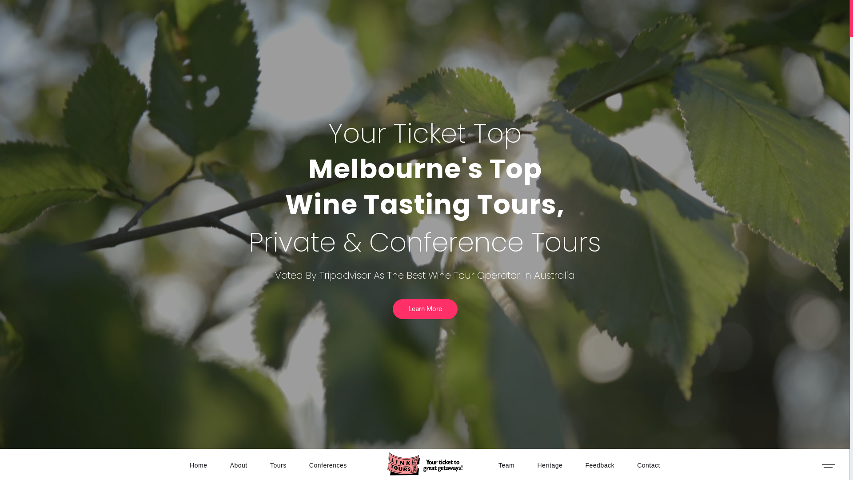  What do you see at coordinates (599, 464) in the screenshot?
I see `'Feedback'` at bounding box center [599, 464].